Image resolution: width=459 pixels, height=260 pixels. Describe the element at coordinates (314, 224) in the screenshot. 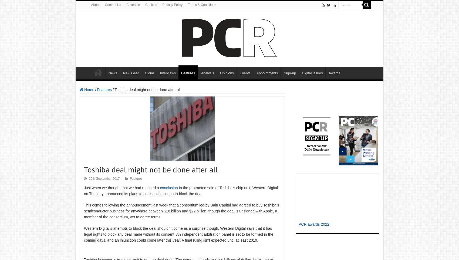

I see `'PCR awards 2022'` at that location.